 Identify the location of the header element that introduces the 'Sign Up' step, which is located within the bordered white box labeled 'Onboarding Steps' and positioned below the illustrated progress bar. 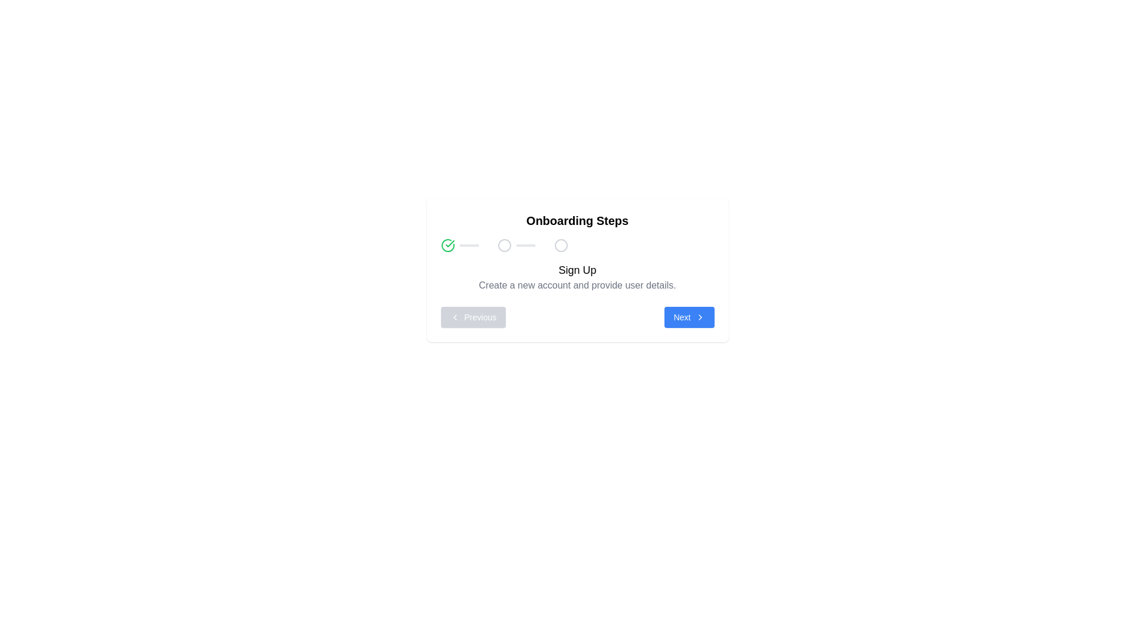
(577, 277).